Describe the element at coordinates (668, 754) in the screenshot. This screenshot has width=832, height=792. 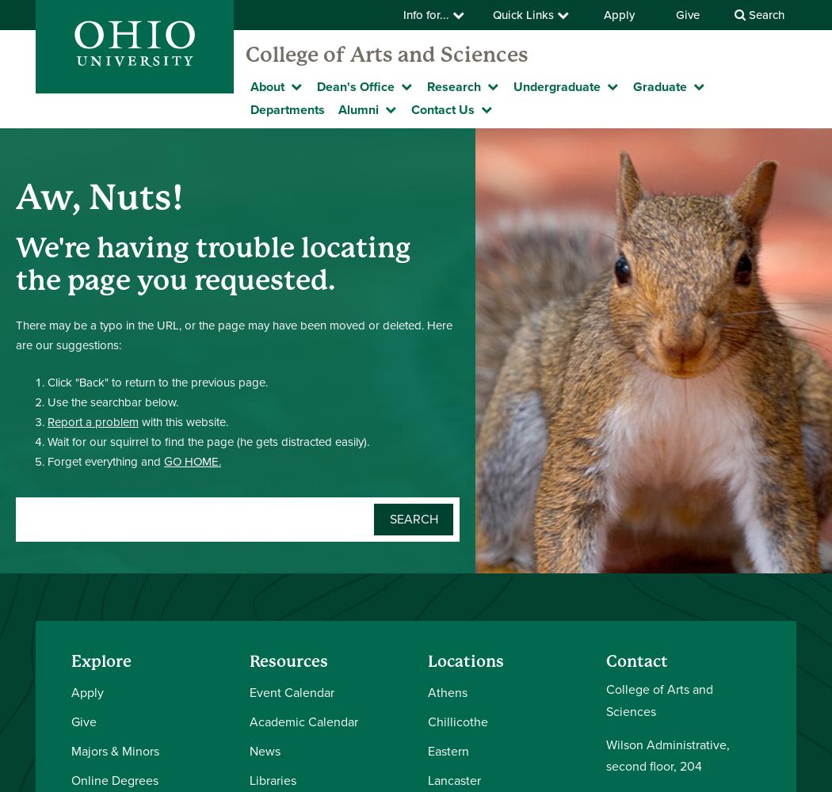
I see `'Wilson Administrative, second floor, 204'` at that location.